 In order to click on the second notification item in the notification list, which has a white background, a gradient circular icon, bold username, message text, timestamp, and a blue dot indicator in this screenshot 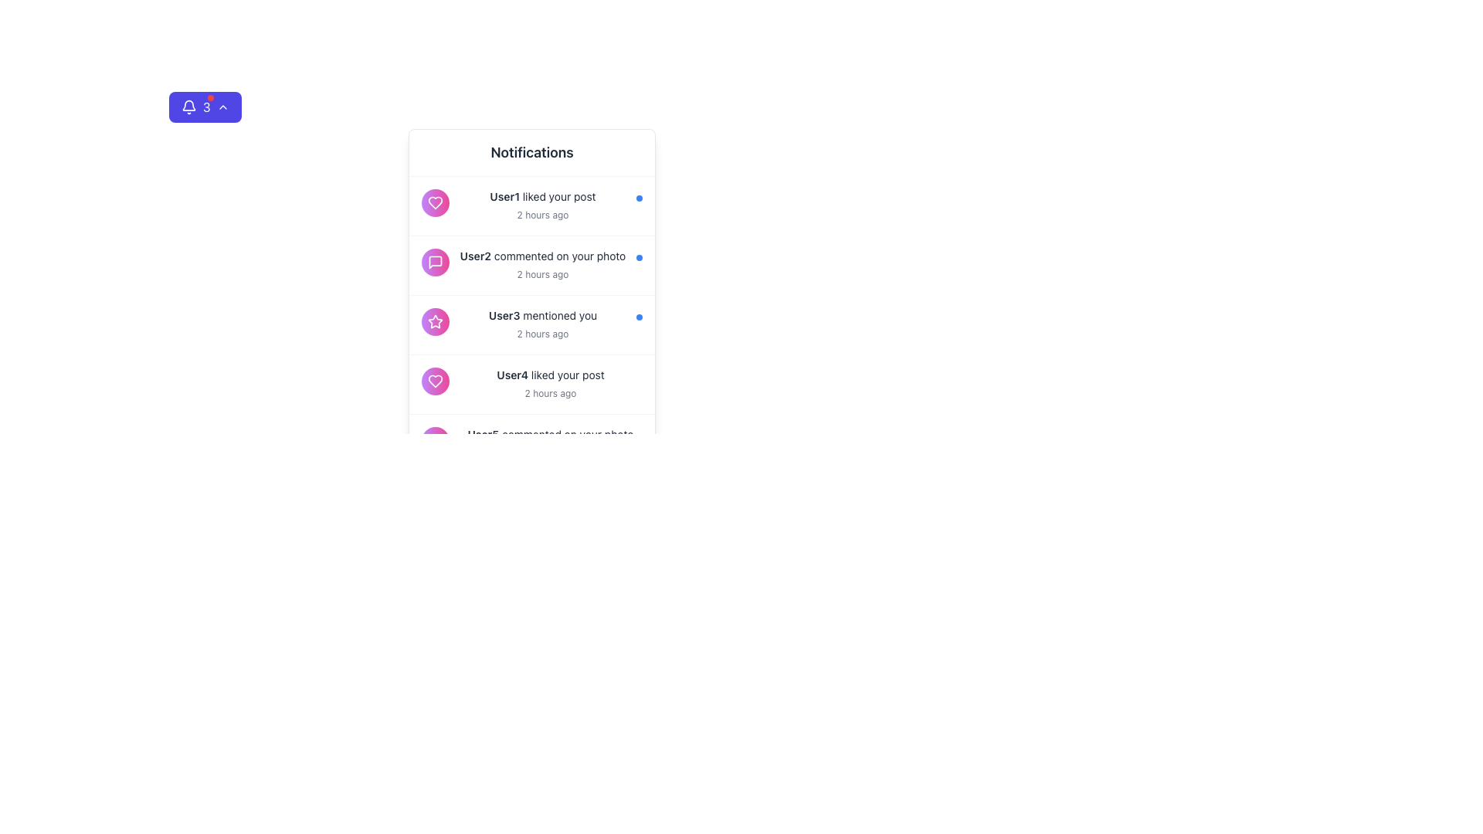, I will do `click(532, 265)`.